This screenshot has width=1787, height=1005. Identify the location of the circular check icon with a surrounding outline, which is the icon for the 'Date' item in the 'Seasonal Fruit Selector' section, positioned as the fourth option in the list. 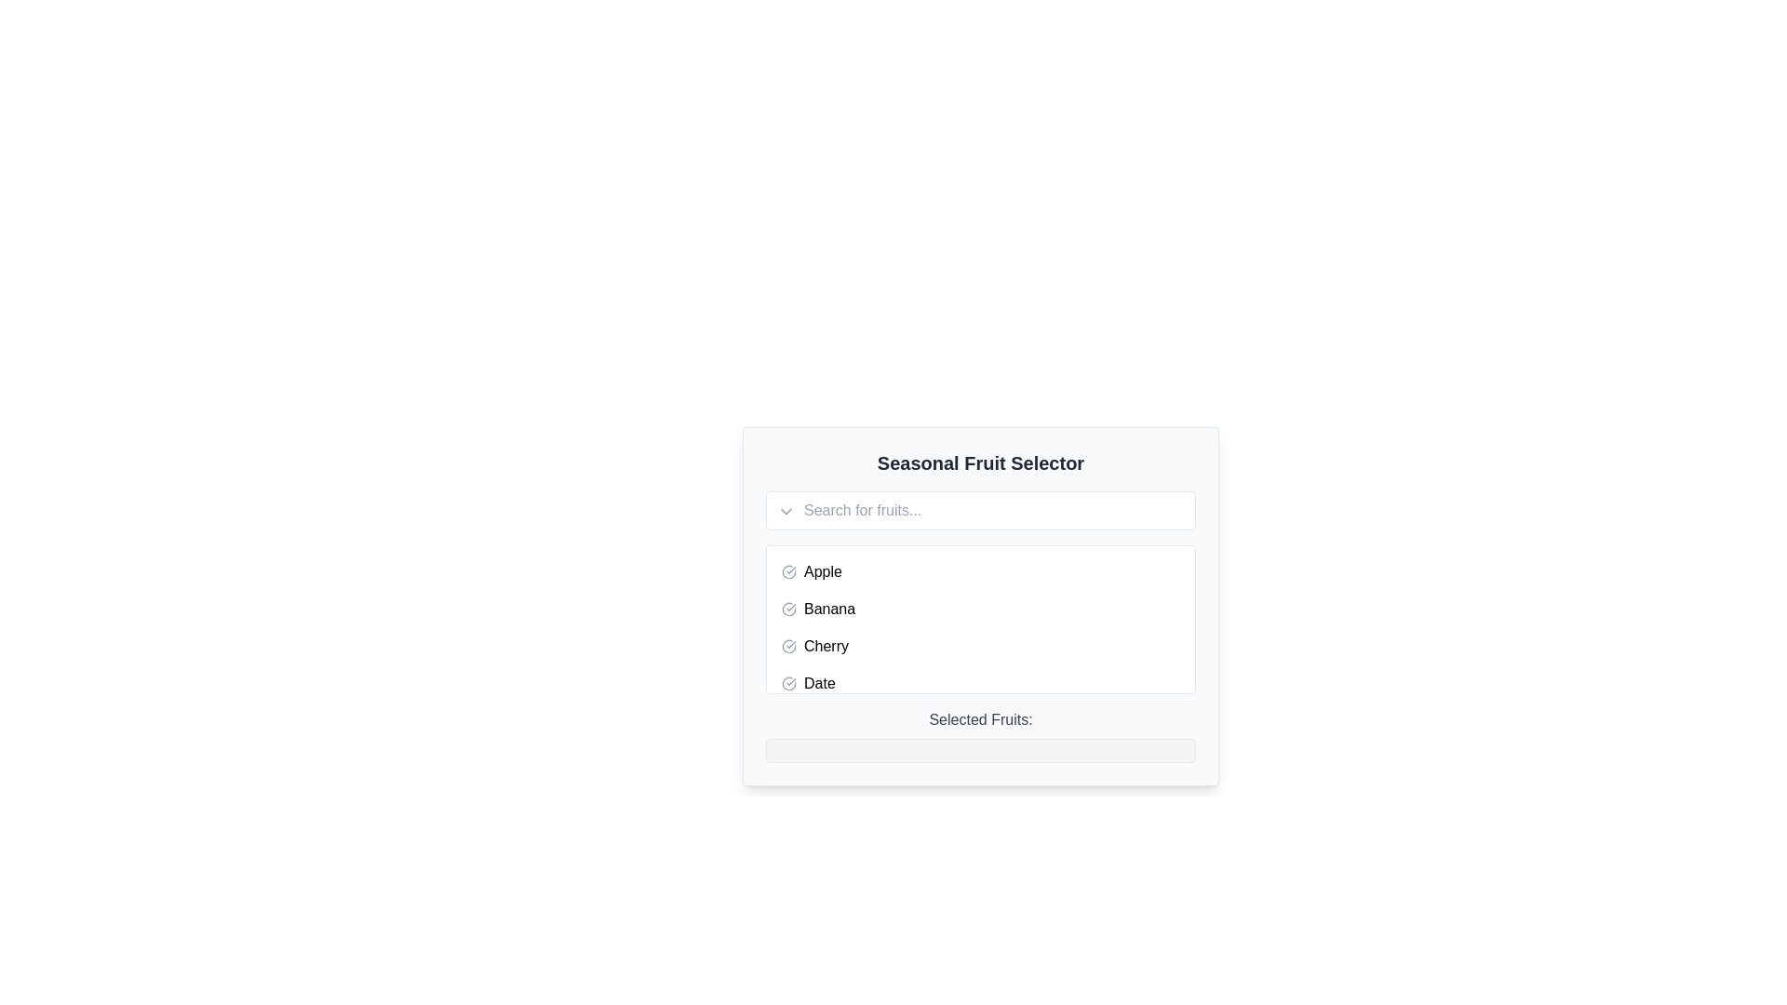
(789, 684).